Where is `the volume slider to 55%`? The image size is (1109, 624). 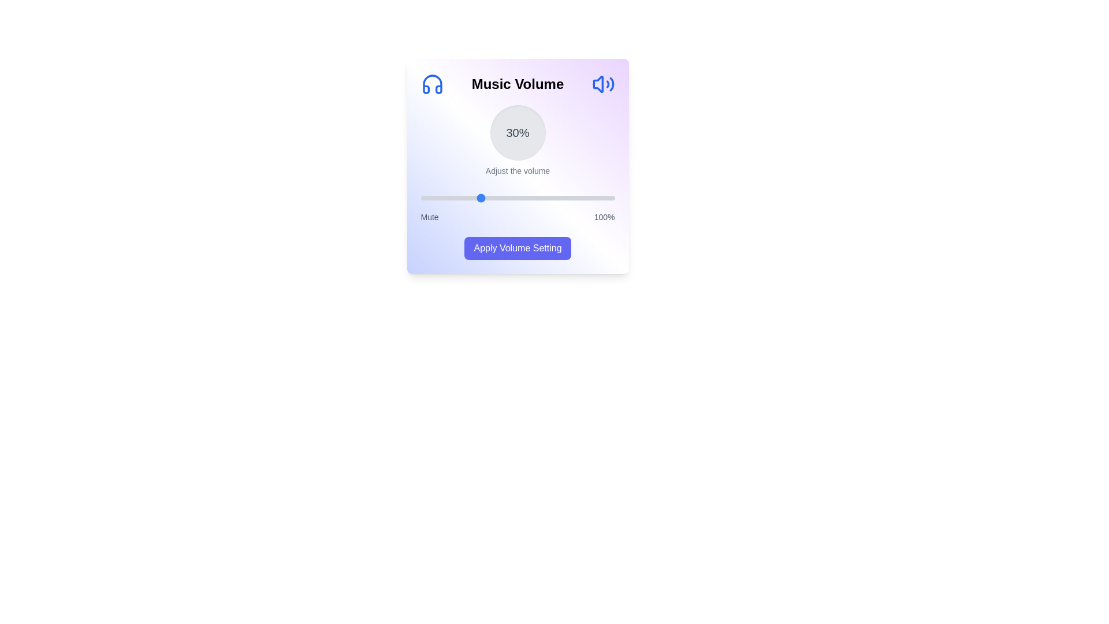 the volume slider to 55% is located at coordinates (527, 198).